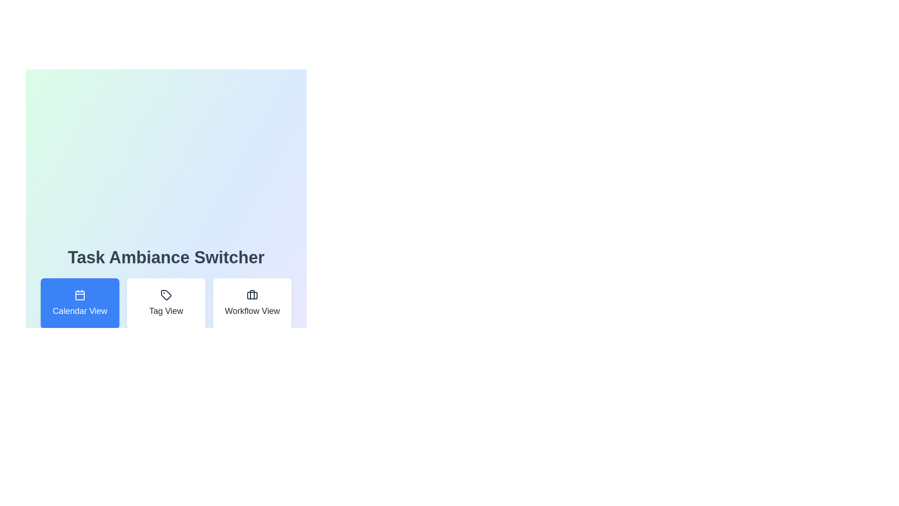 The height and width of the screenshot is (506, 899). Describe the element at coordinates (166, 294) in the screenshot. I see `the 'Tag View' button which contains the tag icon` at that location.